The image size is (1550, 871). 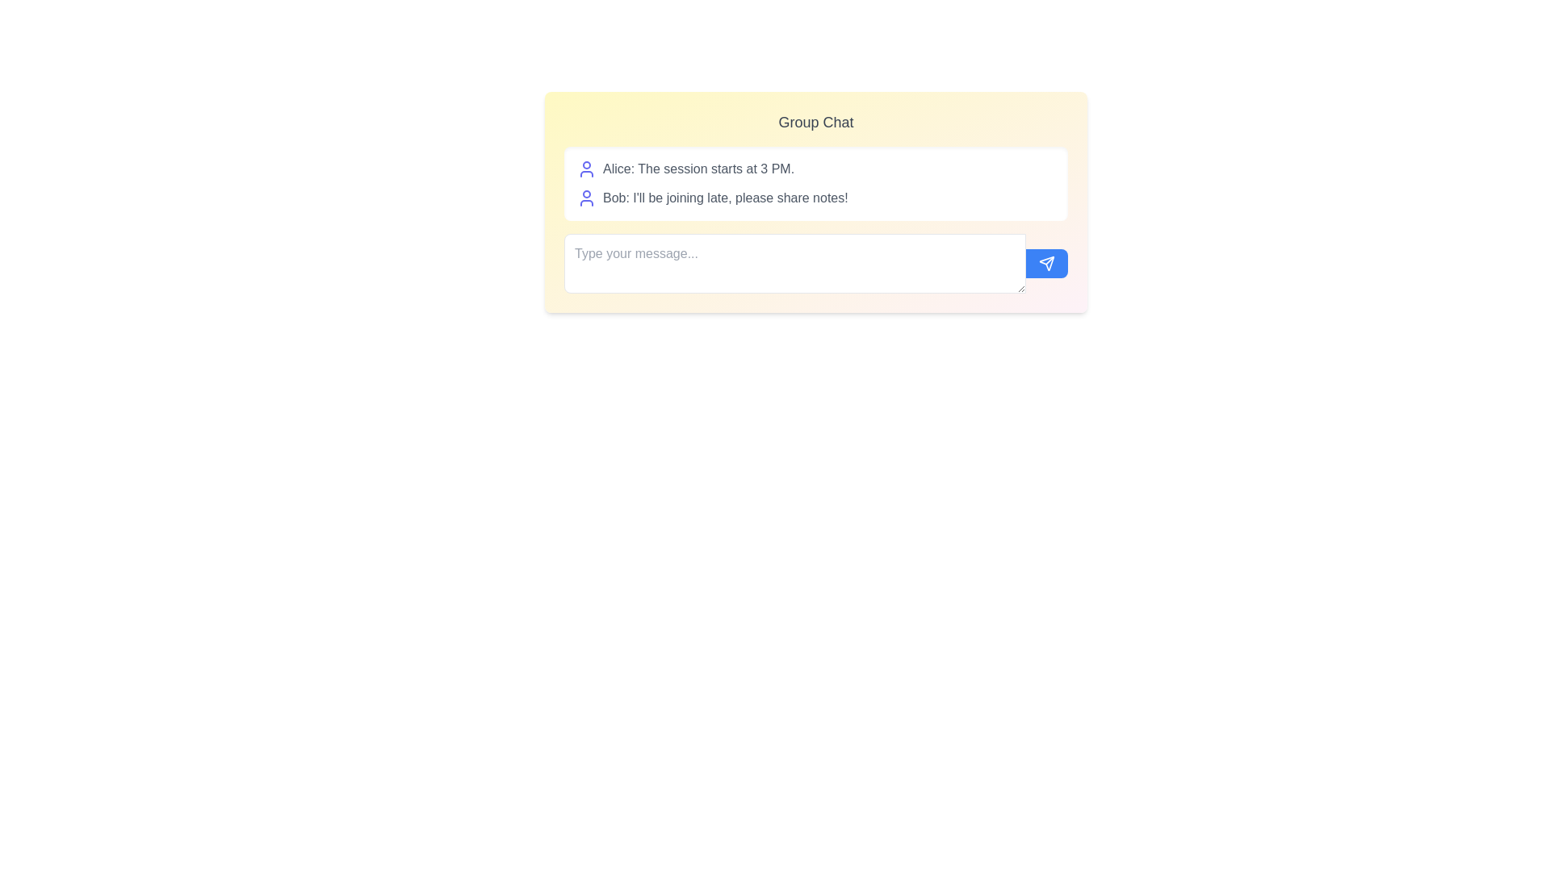 What do you see at coordinates (1046, 263) in the screenshot?
I see `the 'send message' button located to the immediate right of the input box labeled 'Type your message...' in the chat application` at bounding box center [1046, 263].